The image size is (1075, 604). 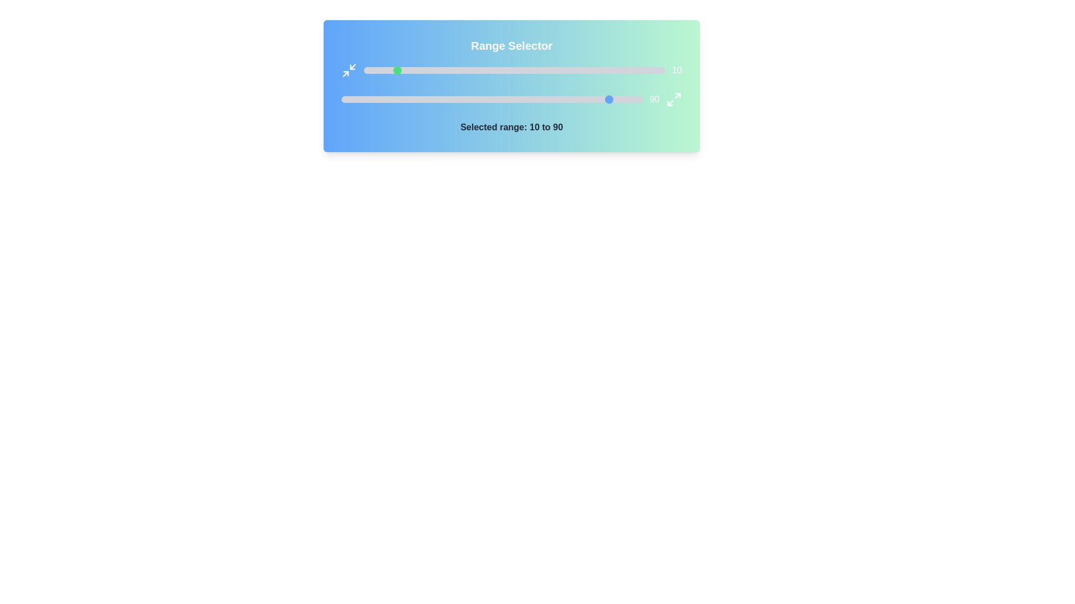 I want to click on the slider, so click(x=490, y=70).